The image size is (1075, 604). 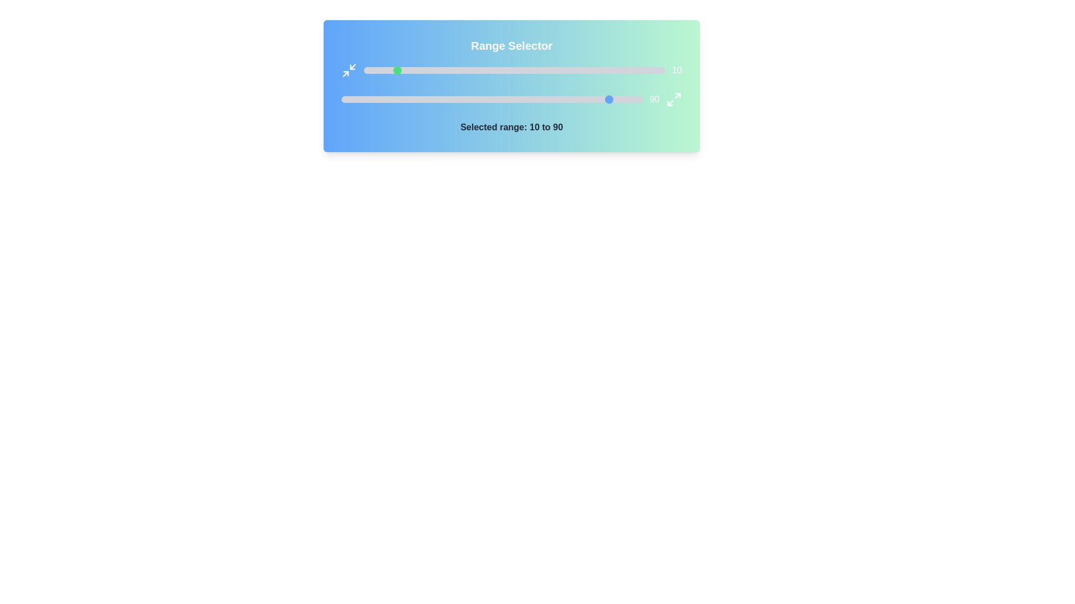 I want to click on the slider, so click(x=490, y=70).